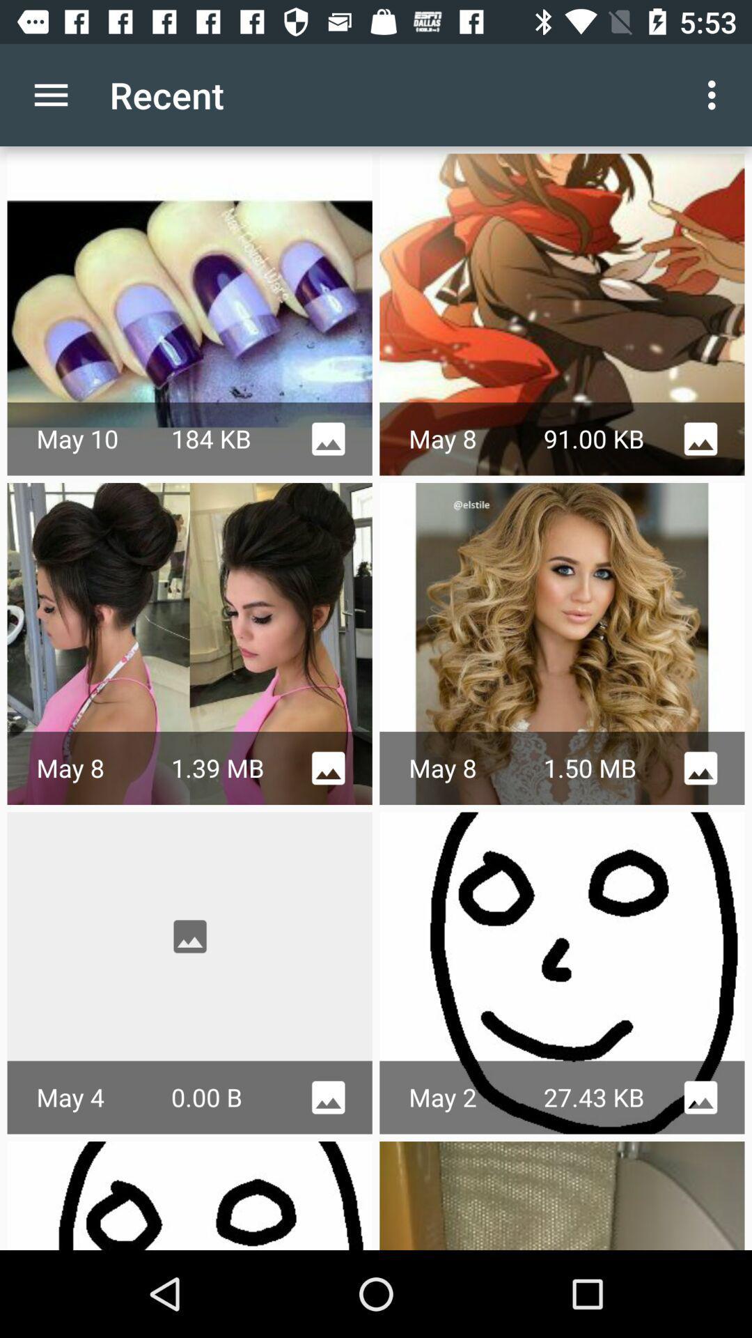 The image size is (752, 1338). What do you see at coordinates (50, 94) in the screenshot?
I see `icon to the left of recent app` at bounding box center [50, 94].